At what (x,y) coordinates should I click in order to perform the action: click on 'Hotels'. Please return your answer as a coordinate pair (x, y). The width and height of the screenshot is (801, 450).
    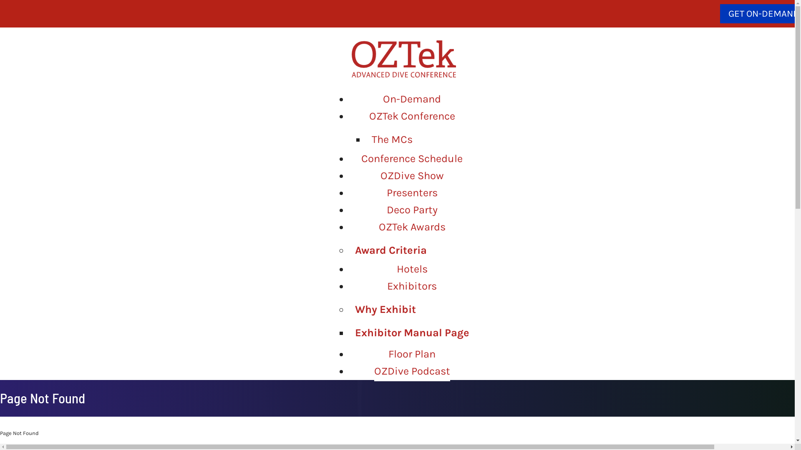
    Looking at the image, I should click on (412, 269).